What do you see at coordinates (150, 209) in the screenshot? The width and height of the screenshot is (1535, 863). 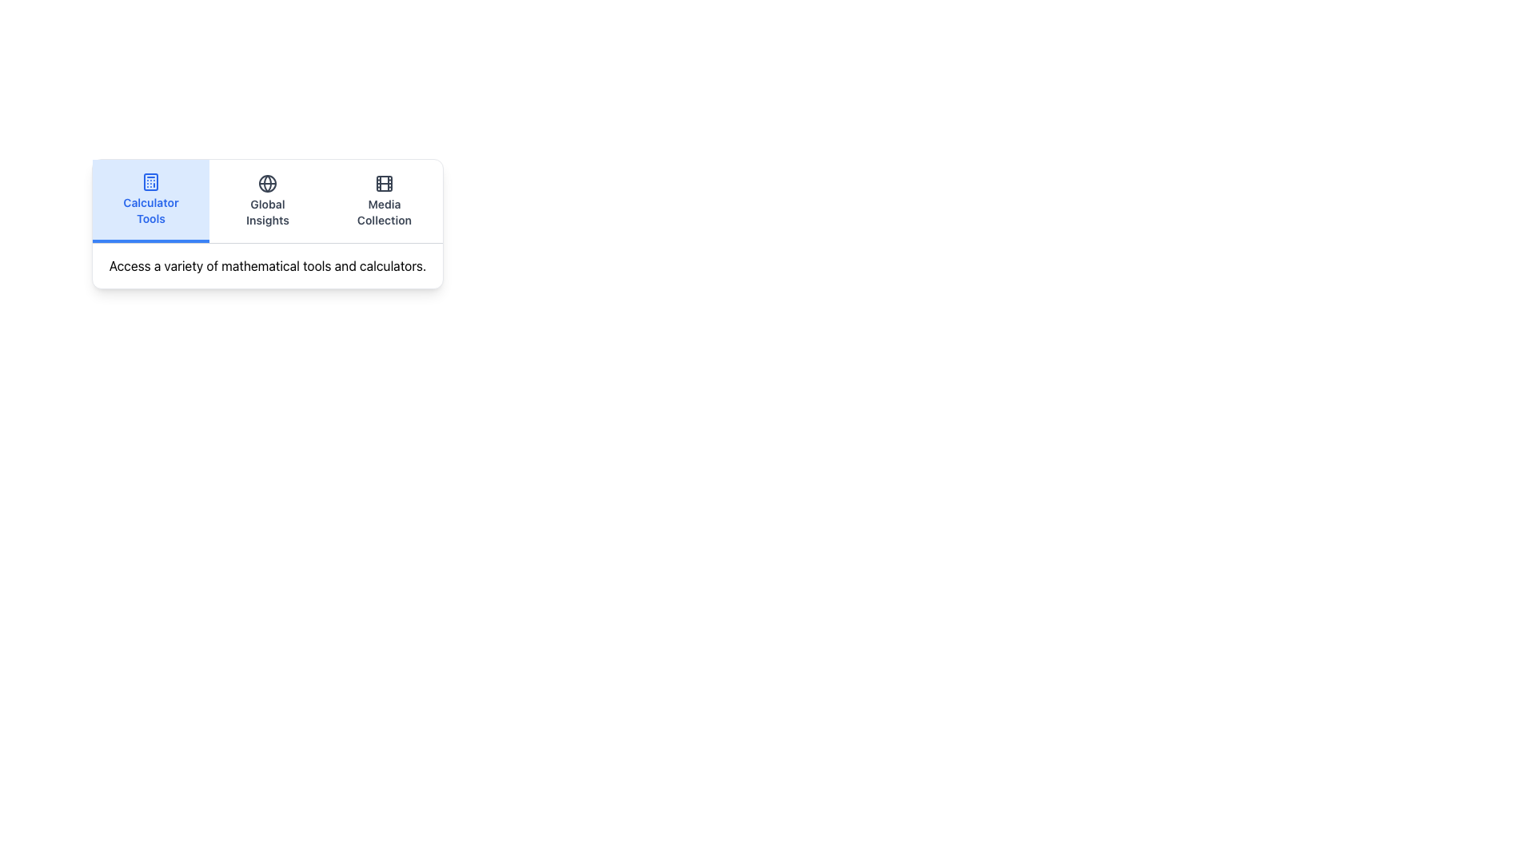 I see `the 'Calculator Tools' text label, which is styled in a smaller font and aligned below a calculator icon on the navigation card` at bounding box center [150, 209].